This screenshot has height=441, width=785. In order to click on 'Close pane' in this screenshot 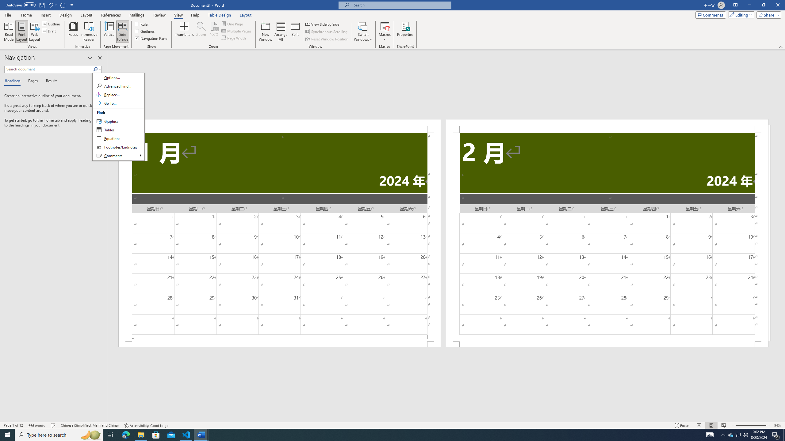, I will do `click(100, 58)`.